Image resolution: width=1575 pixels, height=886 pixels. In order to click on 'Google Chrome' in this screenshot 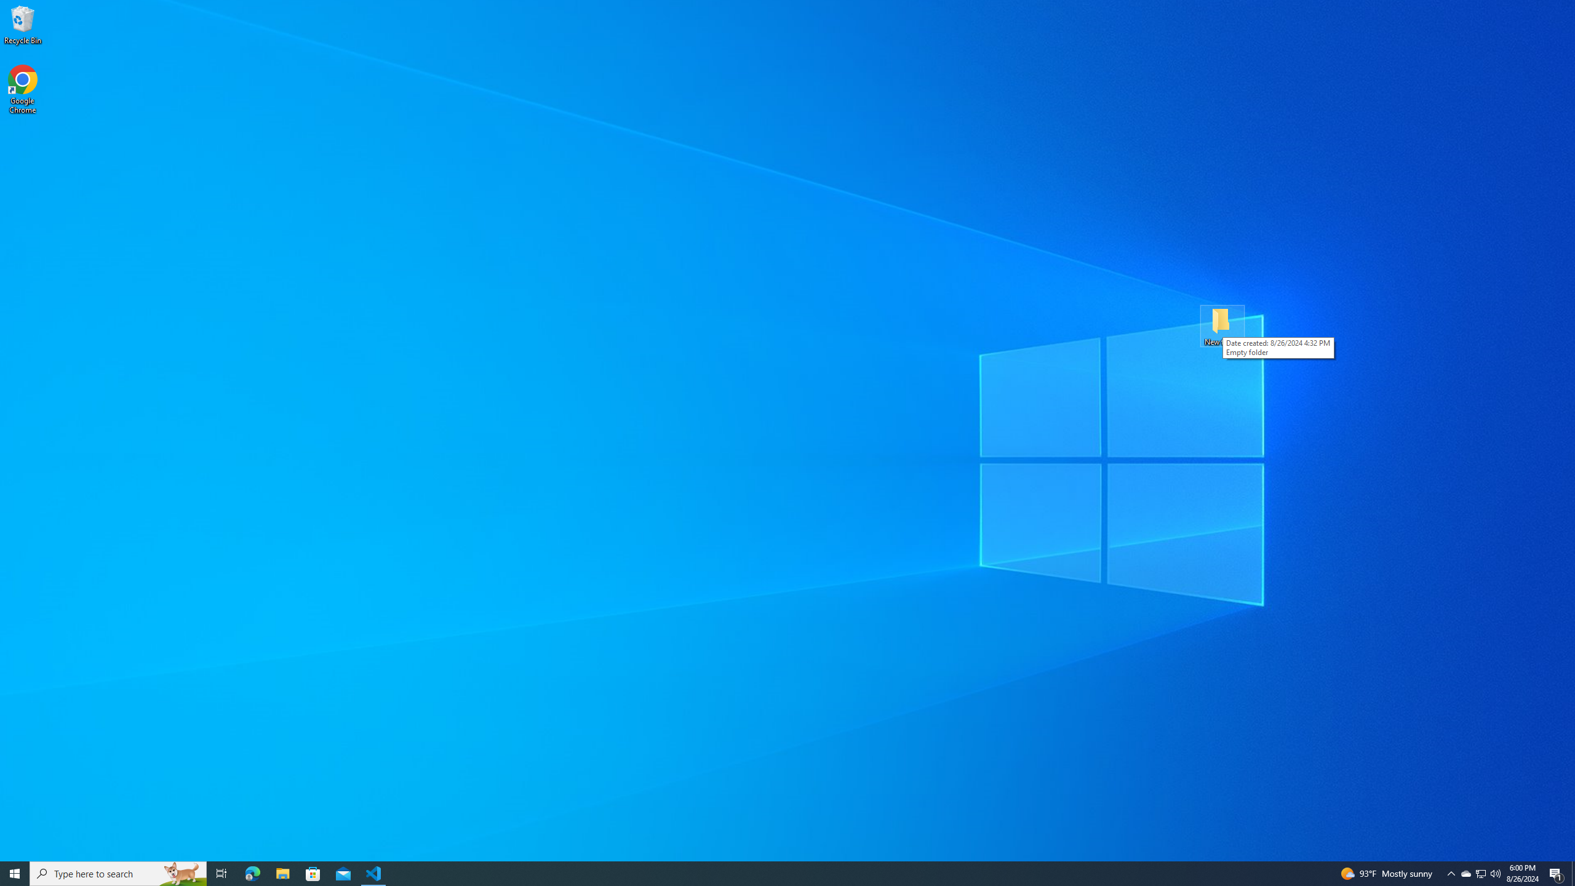, I will do `click(22, 89)`.